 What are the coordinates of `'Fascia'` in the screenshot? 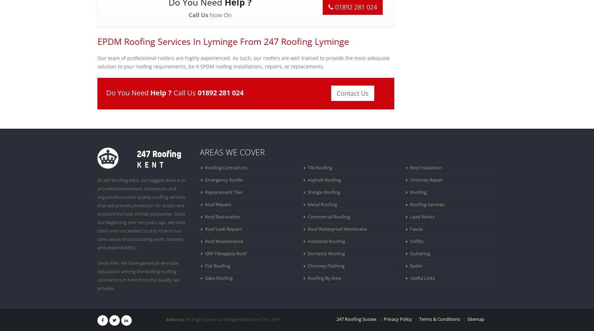 It's located at (416, 228).